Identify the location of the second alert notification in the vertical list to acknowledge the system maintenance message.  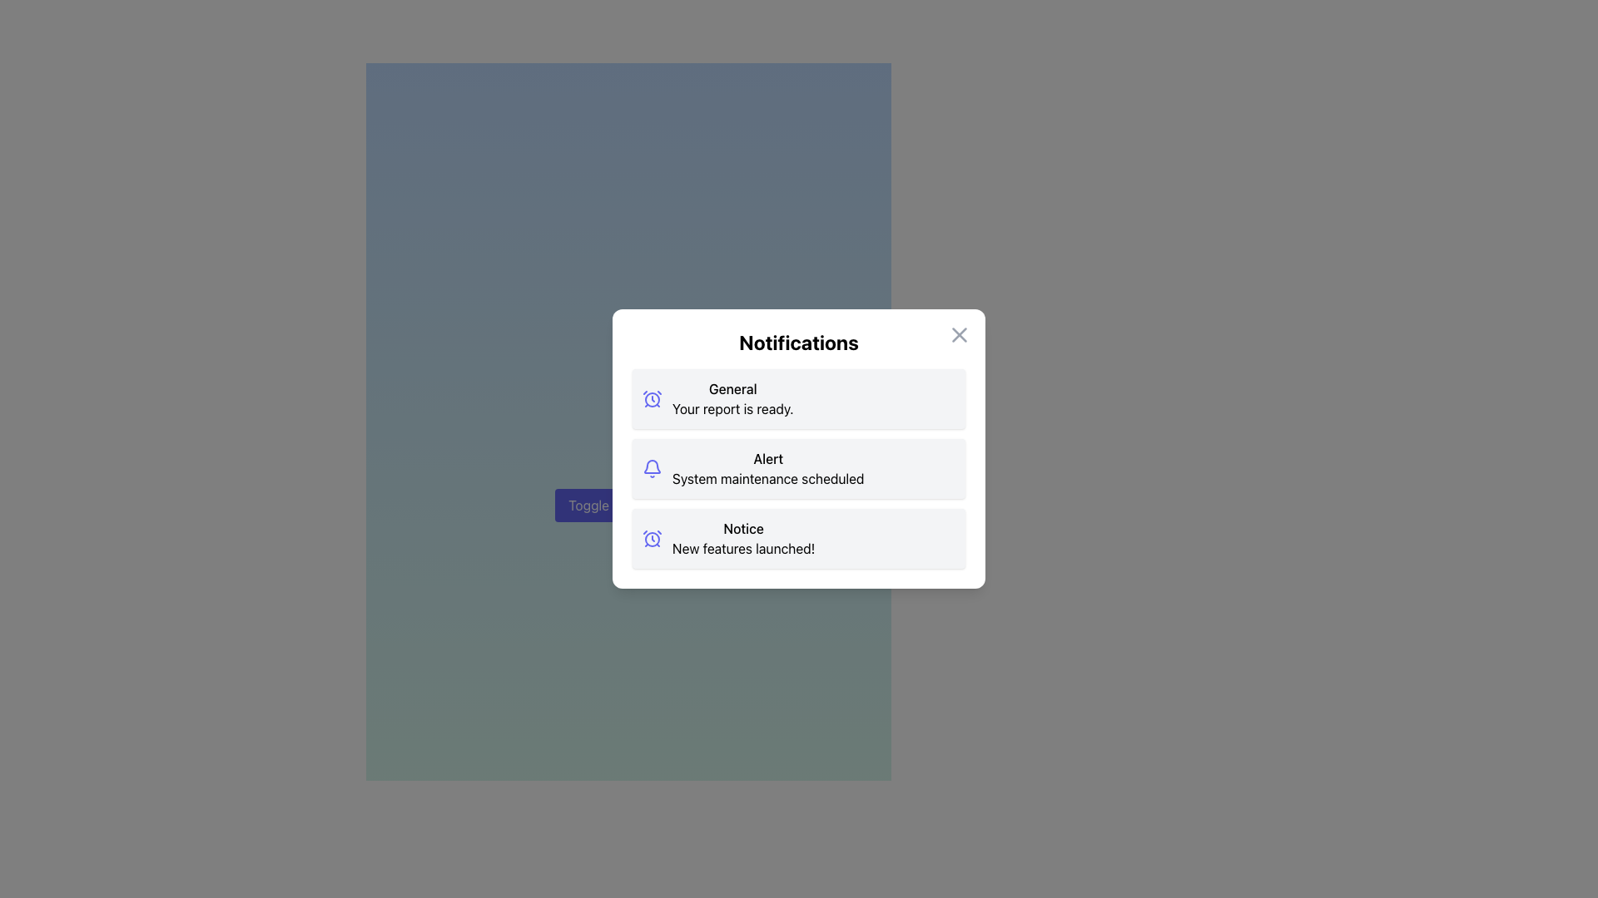
(799, 468).